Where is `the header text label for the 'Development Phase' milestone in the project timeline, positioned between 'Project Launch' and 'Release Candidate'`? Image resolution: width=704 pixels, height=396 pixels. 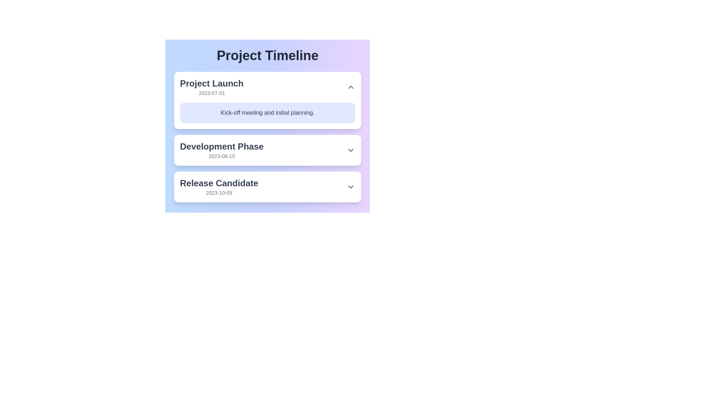 the header text label for the 'Development Phase' milestone in the project timeline, positioned between 'Project Launch' and 'Release Candidate' is located at coordinates (221, 147).